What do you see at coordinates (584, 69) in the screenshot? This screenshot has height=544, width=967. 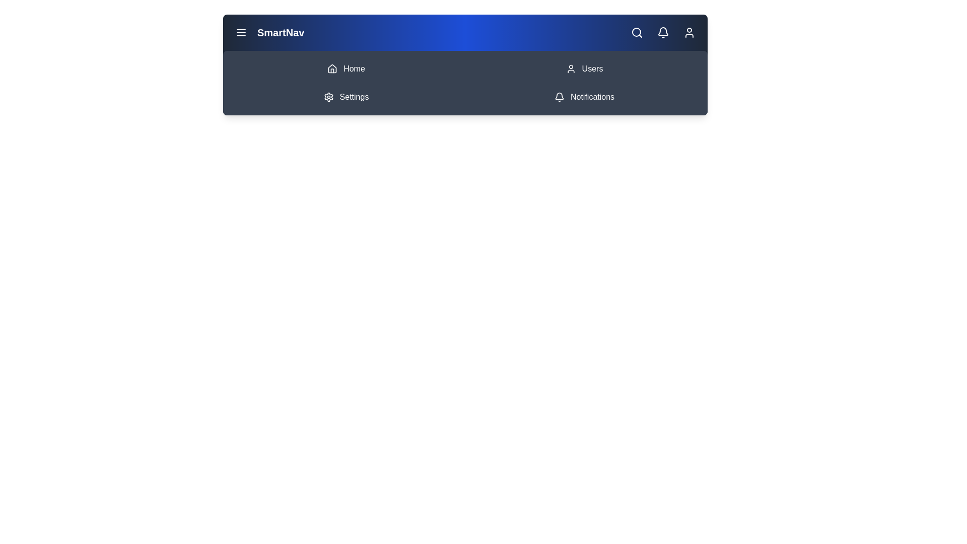 I see `the Users navigation item in the menu` at bounding box center [584, 69].